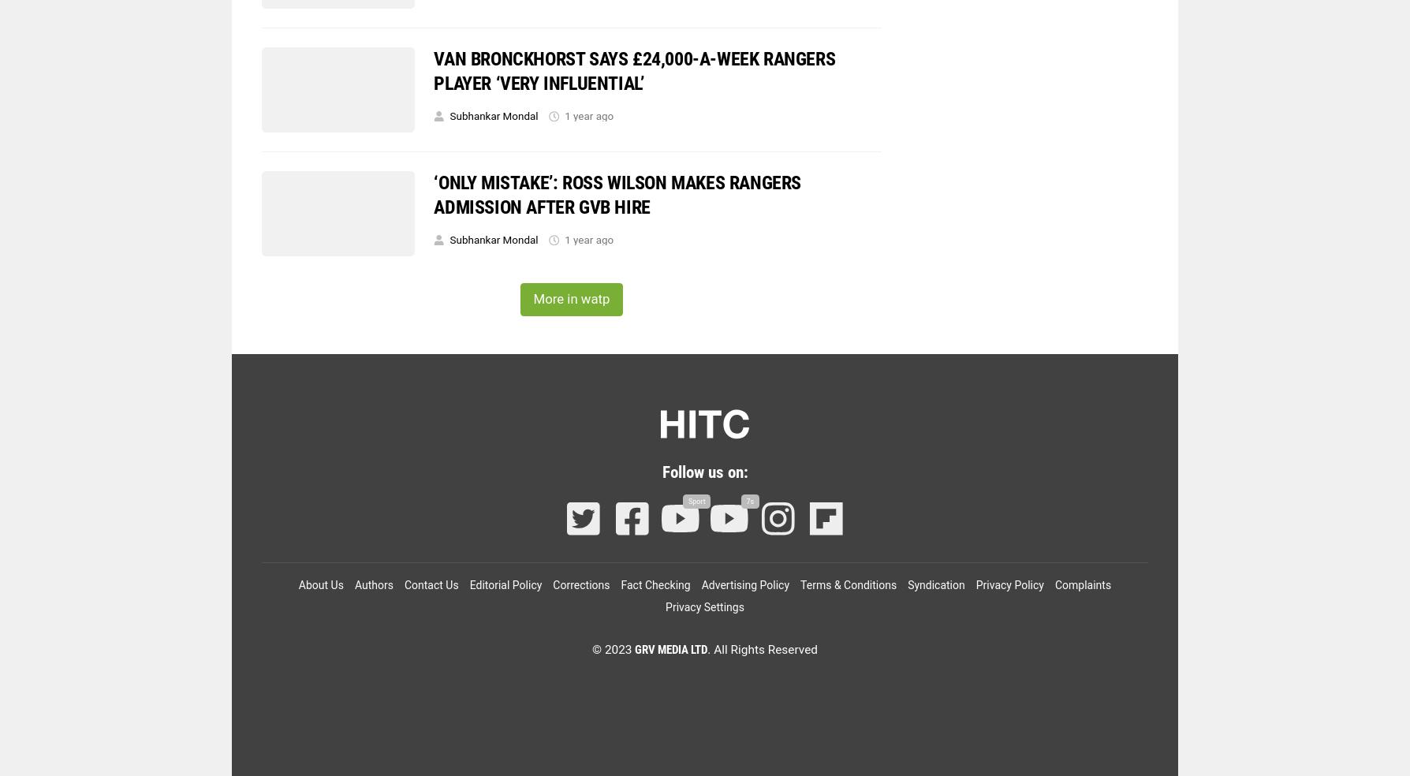 The image size is (1410, 776). Describe the element at coordinates (670, 649) in the screenshot. I see `'GRV Media Ltd'` at that location.